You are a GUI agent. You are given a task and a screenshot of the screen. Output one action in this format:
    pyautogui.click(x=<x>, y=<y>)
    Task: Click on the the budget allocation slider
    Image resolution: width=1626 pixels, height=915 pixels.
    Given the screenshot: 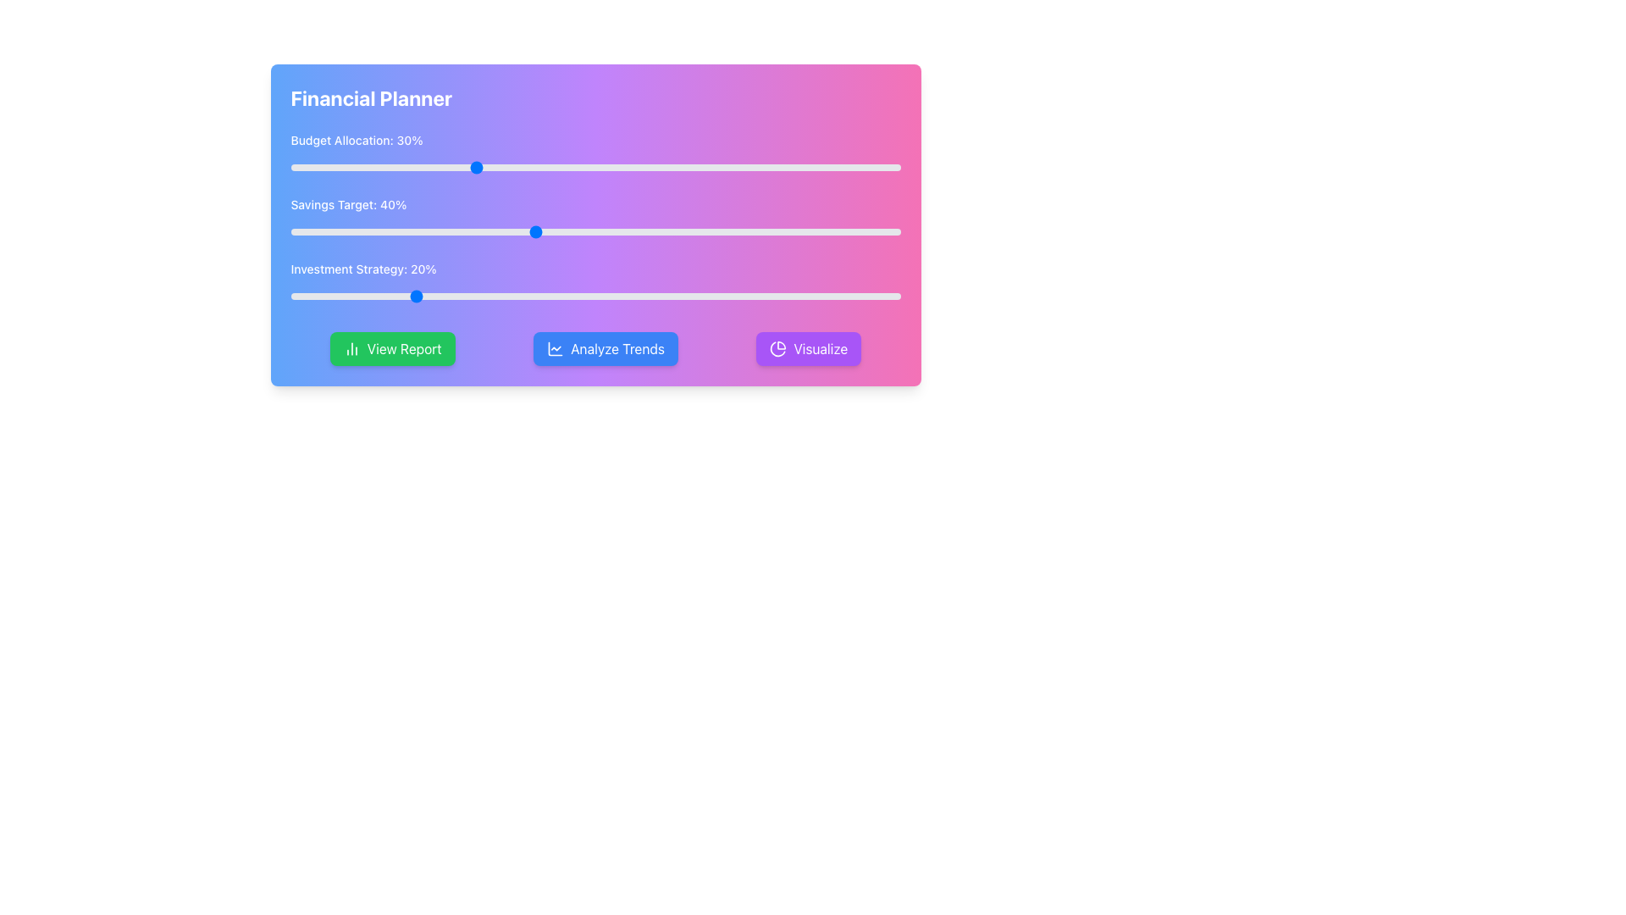 What is the action you would take?
    pyautogui.click(x=539, y=167)
    